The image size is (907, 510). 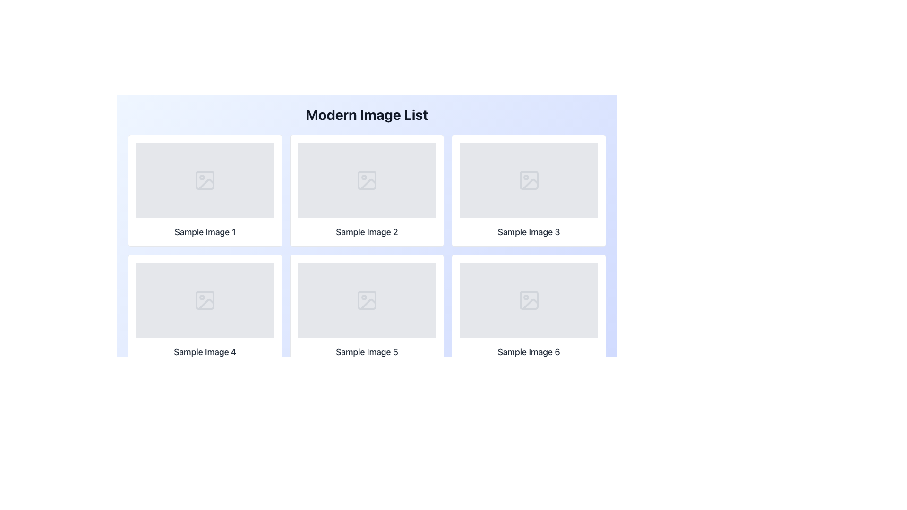 I want to click on the visual styling of the decorative SVG shape located centrally within the first image placeholder in the top-left corner of the grid layout, so click(x=205, y=180).